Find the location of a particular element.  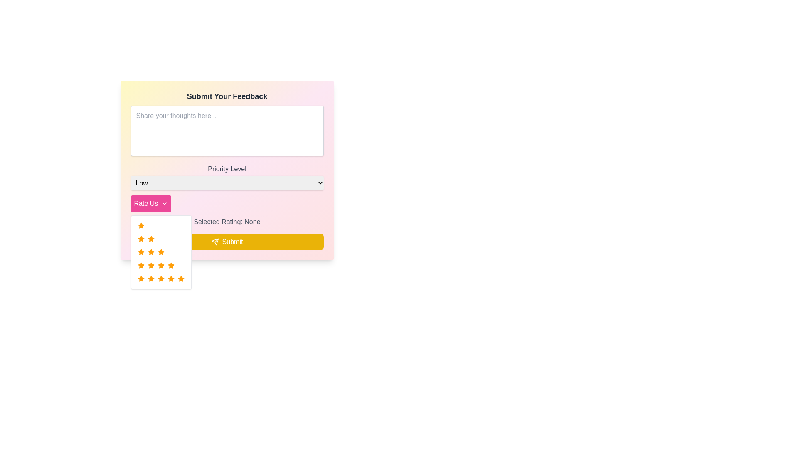

over the three orange star icons in the Rating component is located at coordinates (161, 252).